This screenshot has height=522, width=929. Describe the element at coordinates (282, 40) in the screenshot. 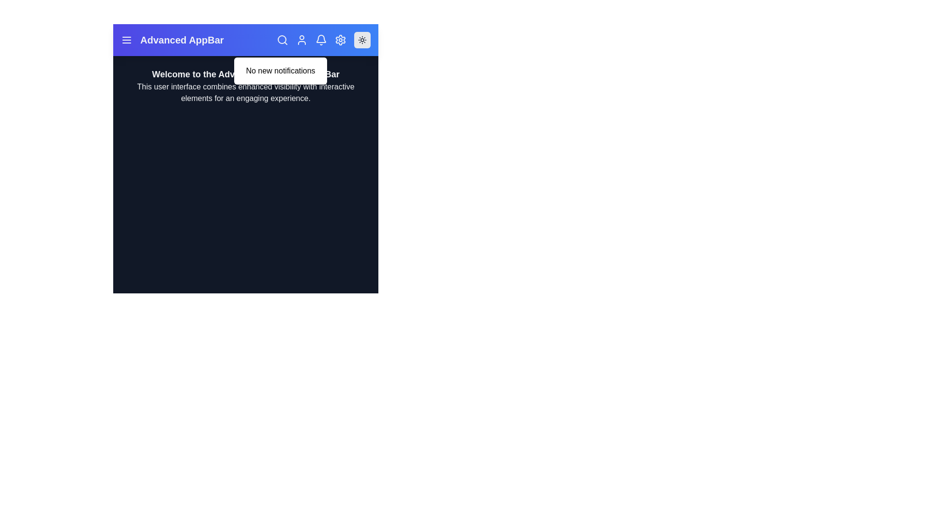

I see `the search icon` at that location.